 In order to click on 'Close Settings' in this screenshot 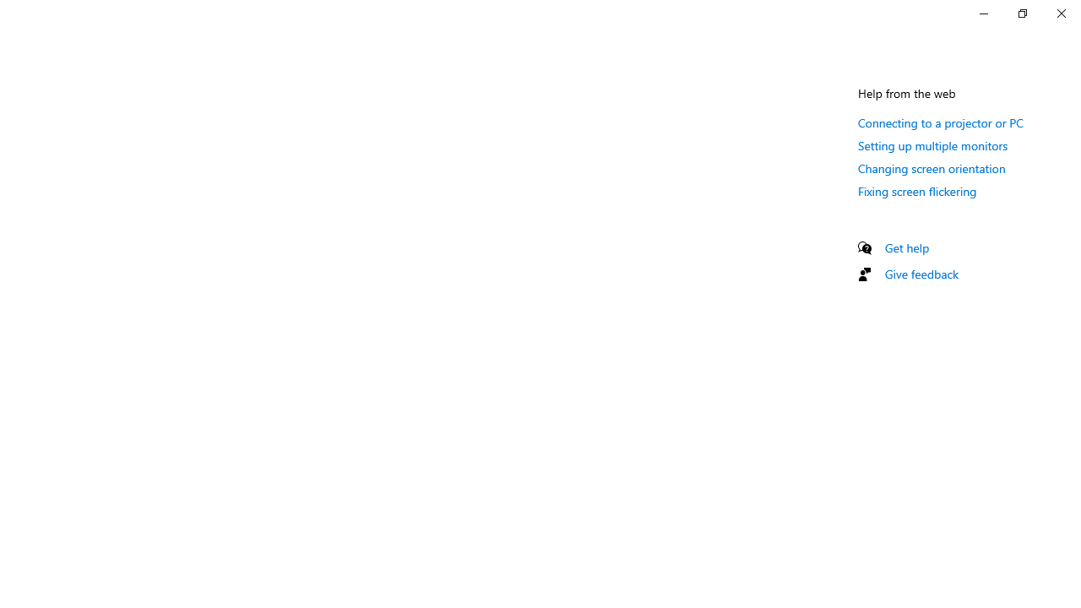, I will do `click(1060, 13)`.